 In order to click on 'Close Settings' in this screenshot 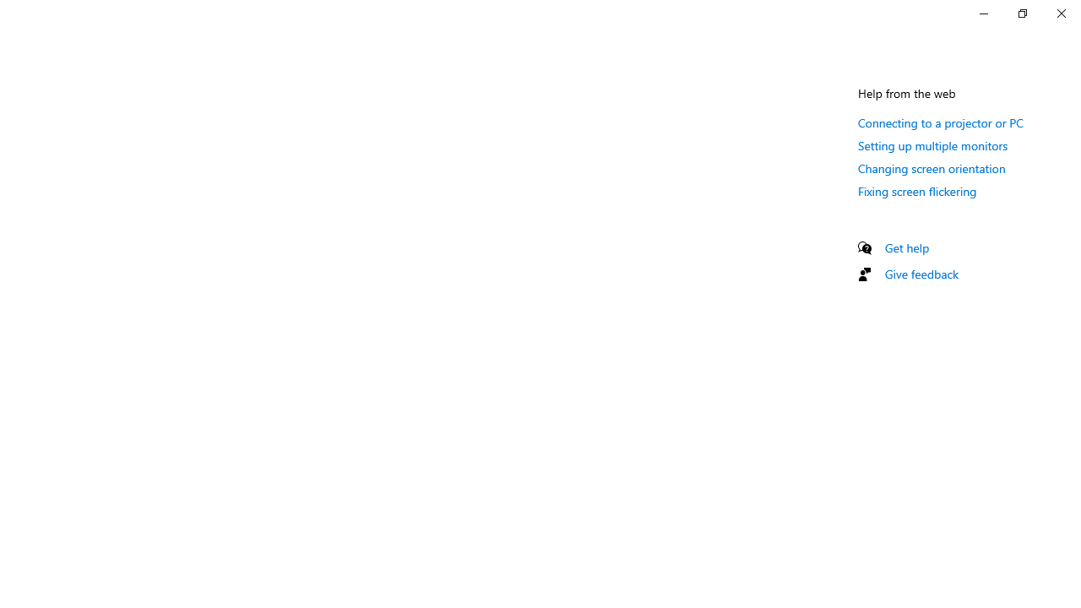, I will do `click(1060, 13)`.